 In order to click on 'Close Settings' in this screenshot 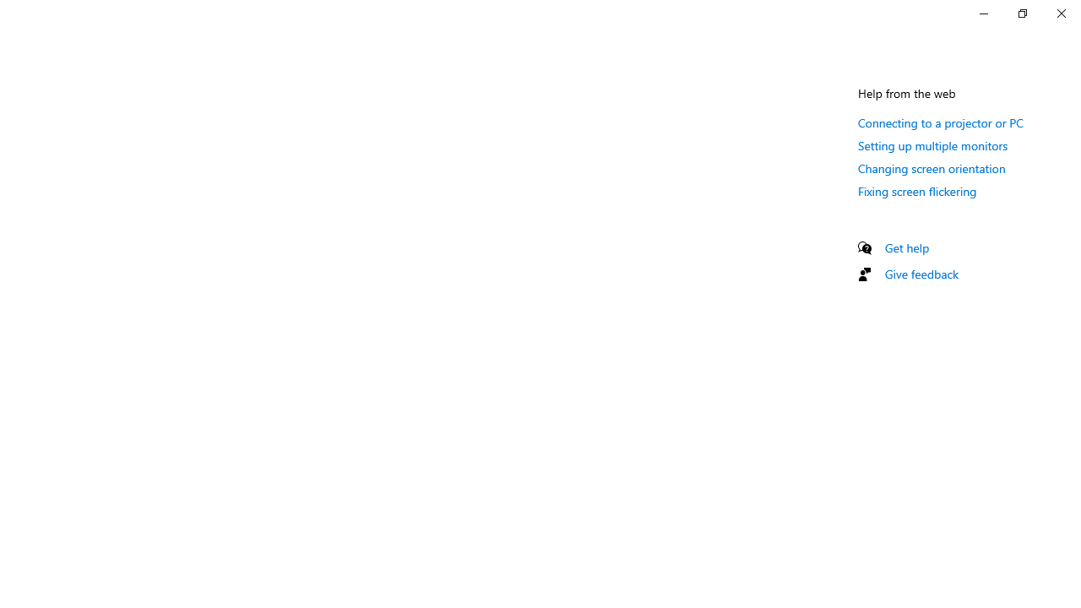, I will do `click(1060, 13)`.